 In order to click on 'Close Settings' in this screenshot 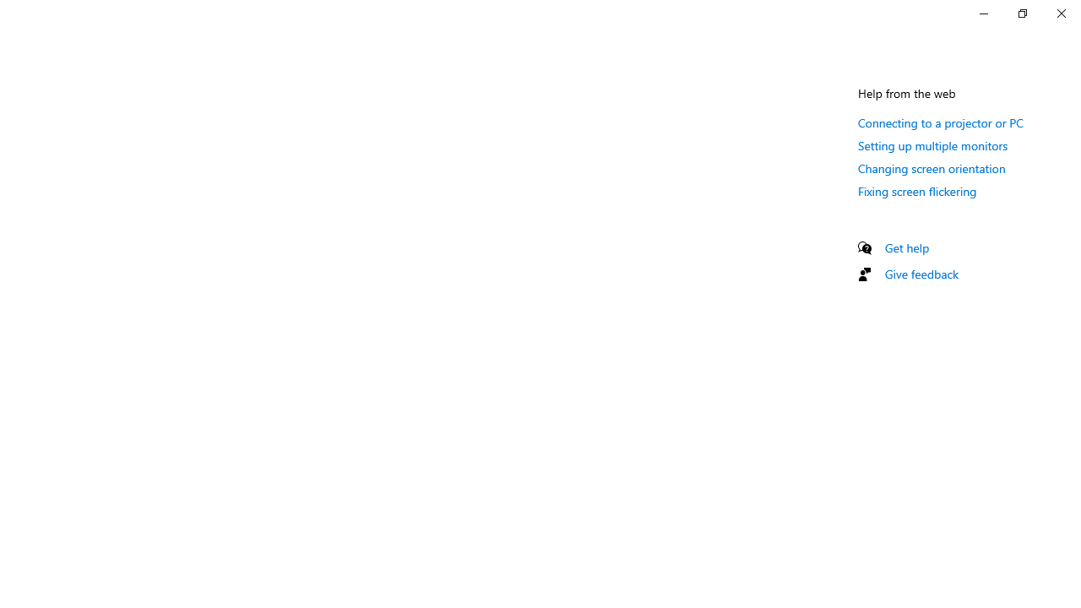, I will do `click(1060, 13)`.